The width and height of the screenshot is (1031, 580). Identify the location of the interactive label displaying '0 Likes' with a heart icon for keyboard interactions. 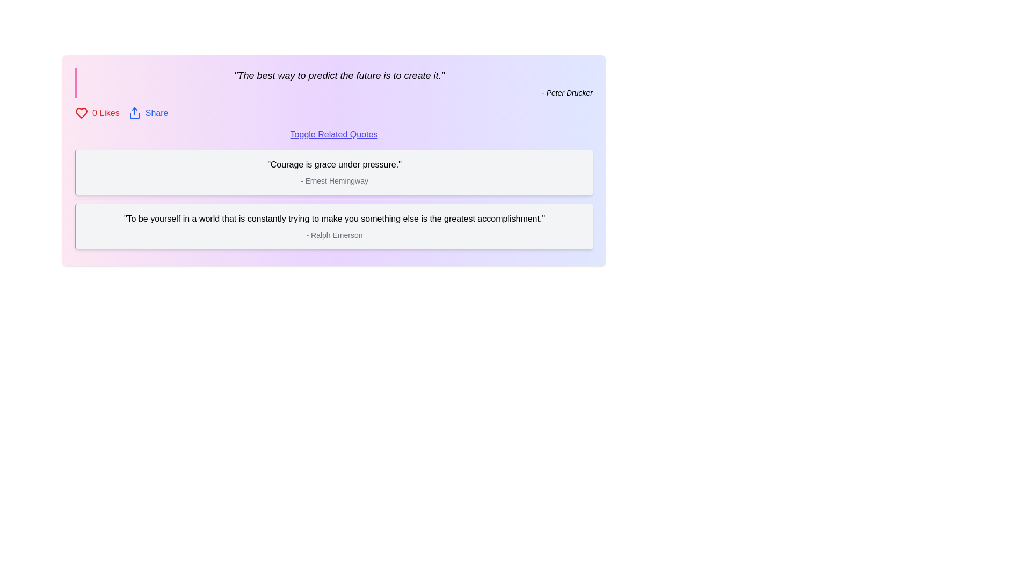
(97, 113).